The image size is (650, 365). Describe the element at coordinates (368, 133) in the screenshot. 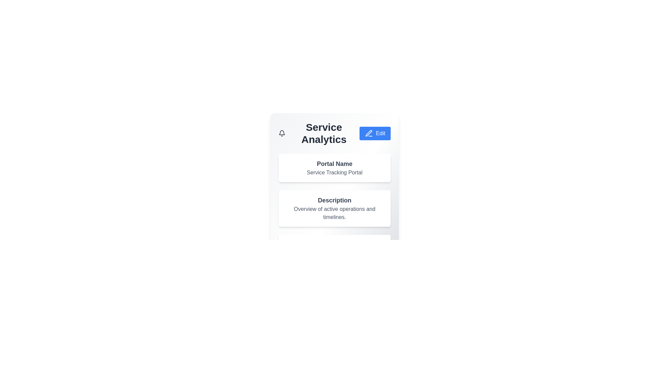

I see `the pen icon located within the 'Edit' button on the top-right corner of the 'Service Analytics' card` at that location.